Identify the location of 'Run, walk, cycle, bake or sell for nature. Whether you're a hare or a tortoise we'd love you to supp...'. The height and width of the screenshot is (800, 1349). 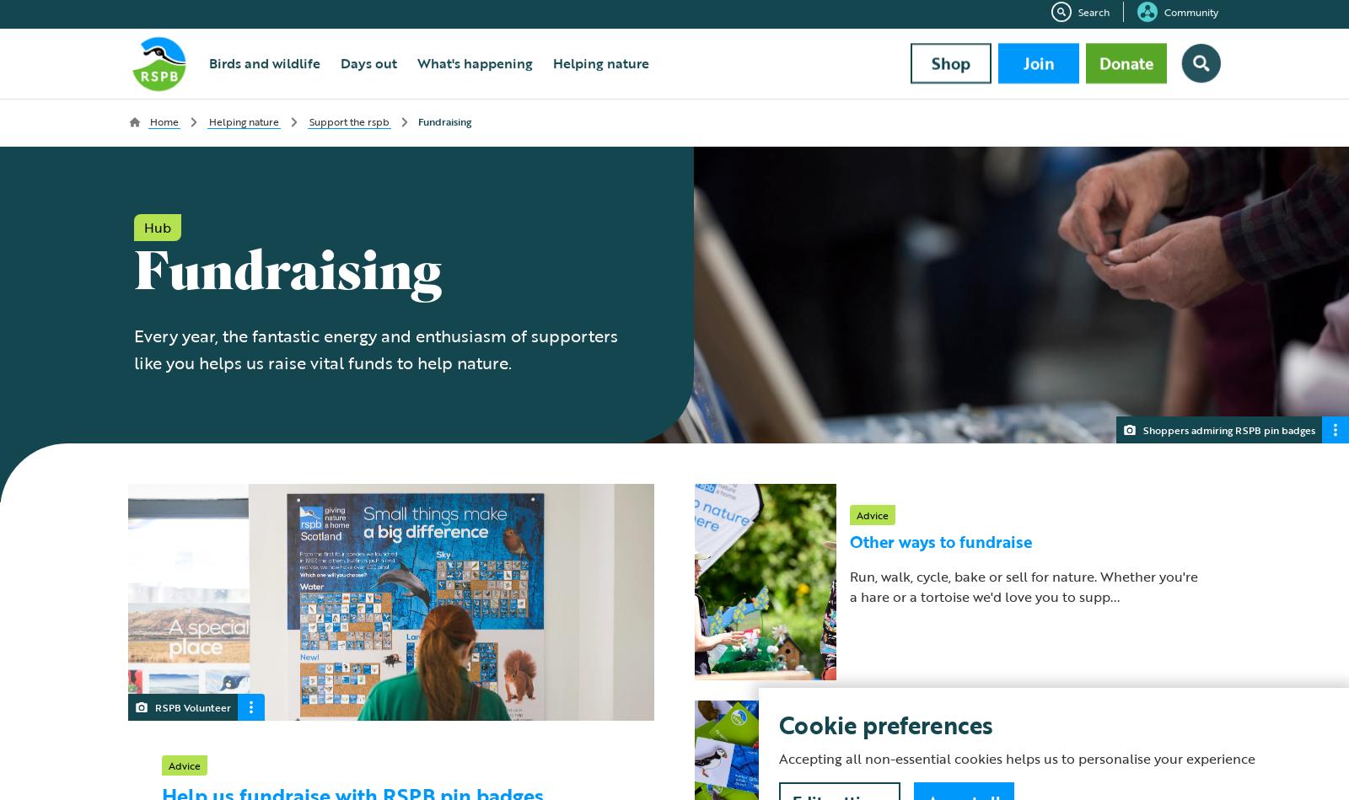
(1023, 586).